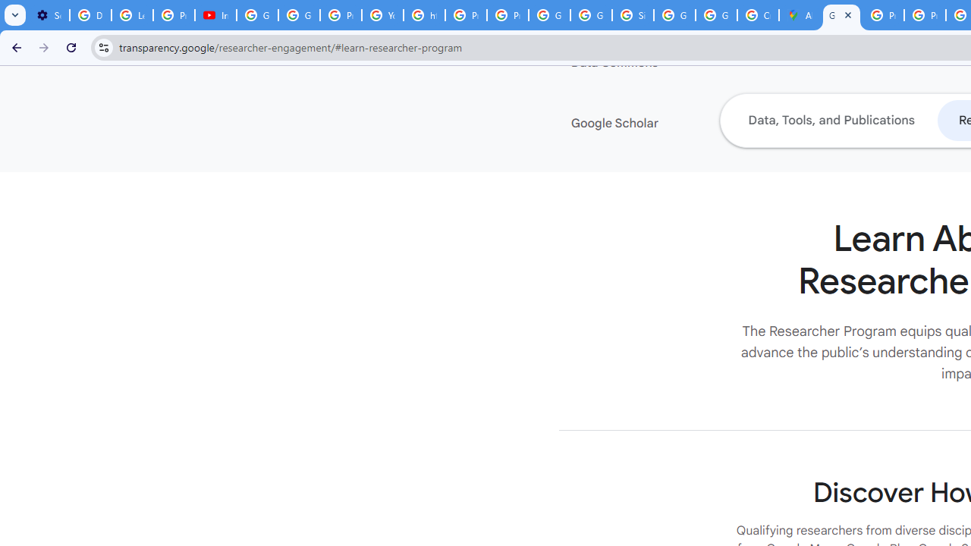 The width and height of the screenshot is (971, 546). I want to click on 'Privacy Help Center - Policies Help', so click(883, 15).